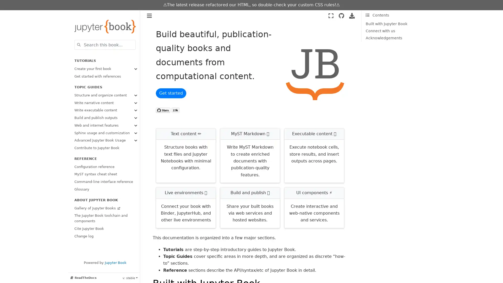 Image resolution: width=503 pixels, height=283 pixels. I want to click on Download this page, so click(352, 15).